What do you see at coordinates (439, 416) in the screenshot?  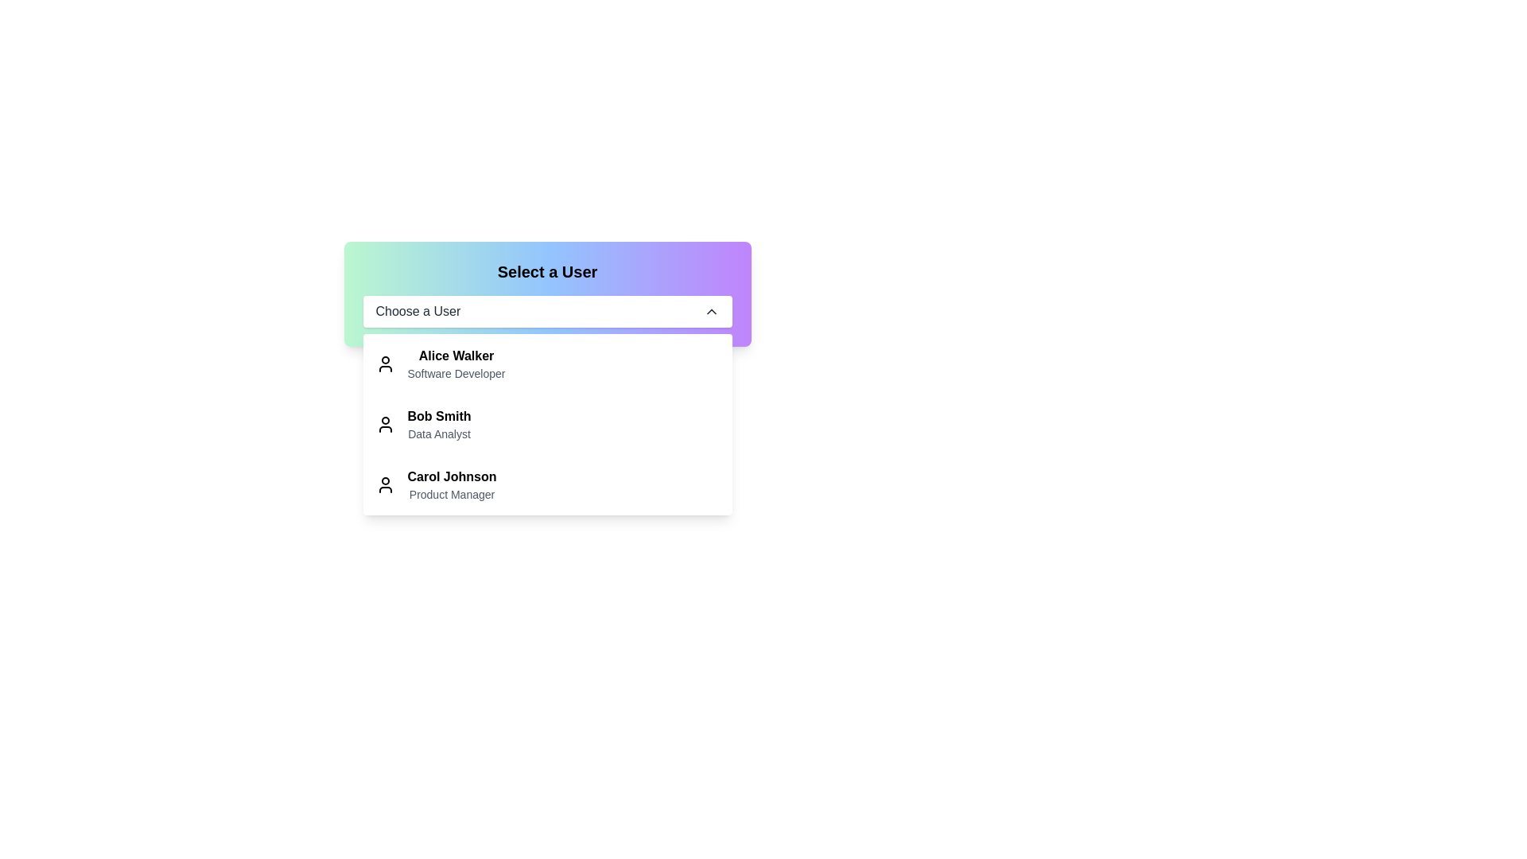 I see `the text label displaying 'Bob Smith'` at bounding box center [439, 416].